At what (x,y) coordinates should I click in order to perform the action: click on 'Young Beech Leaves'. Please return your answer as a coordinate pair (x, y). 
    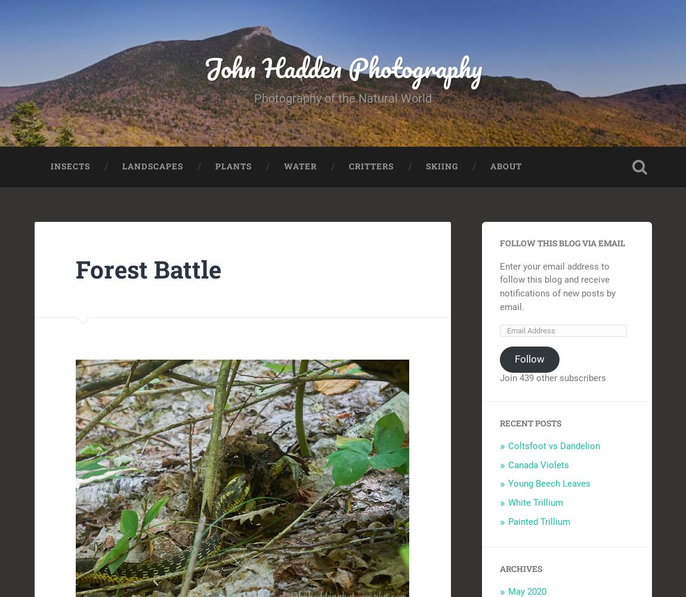
    Looking at the image, I should click on (549, 483).